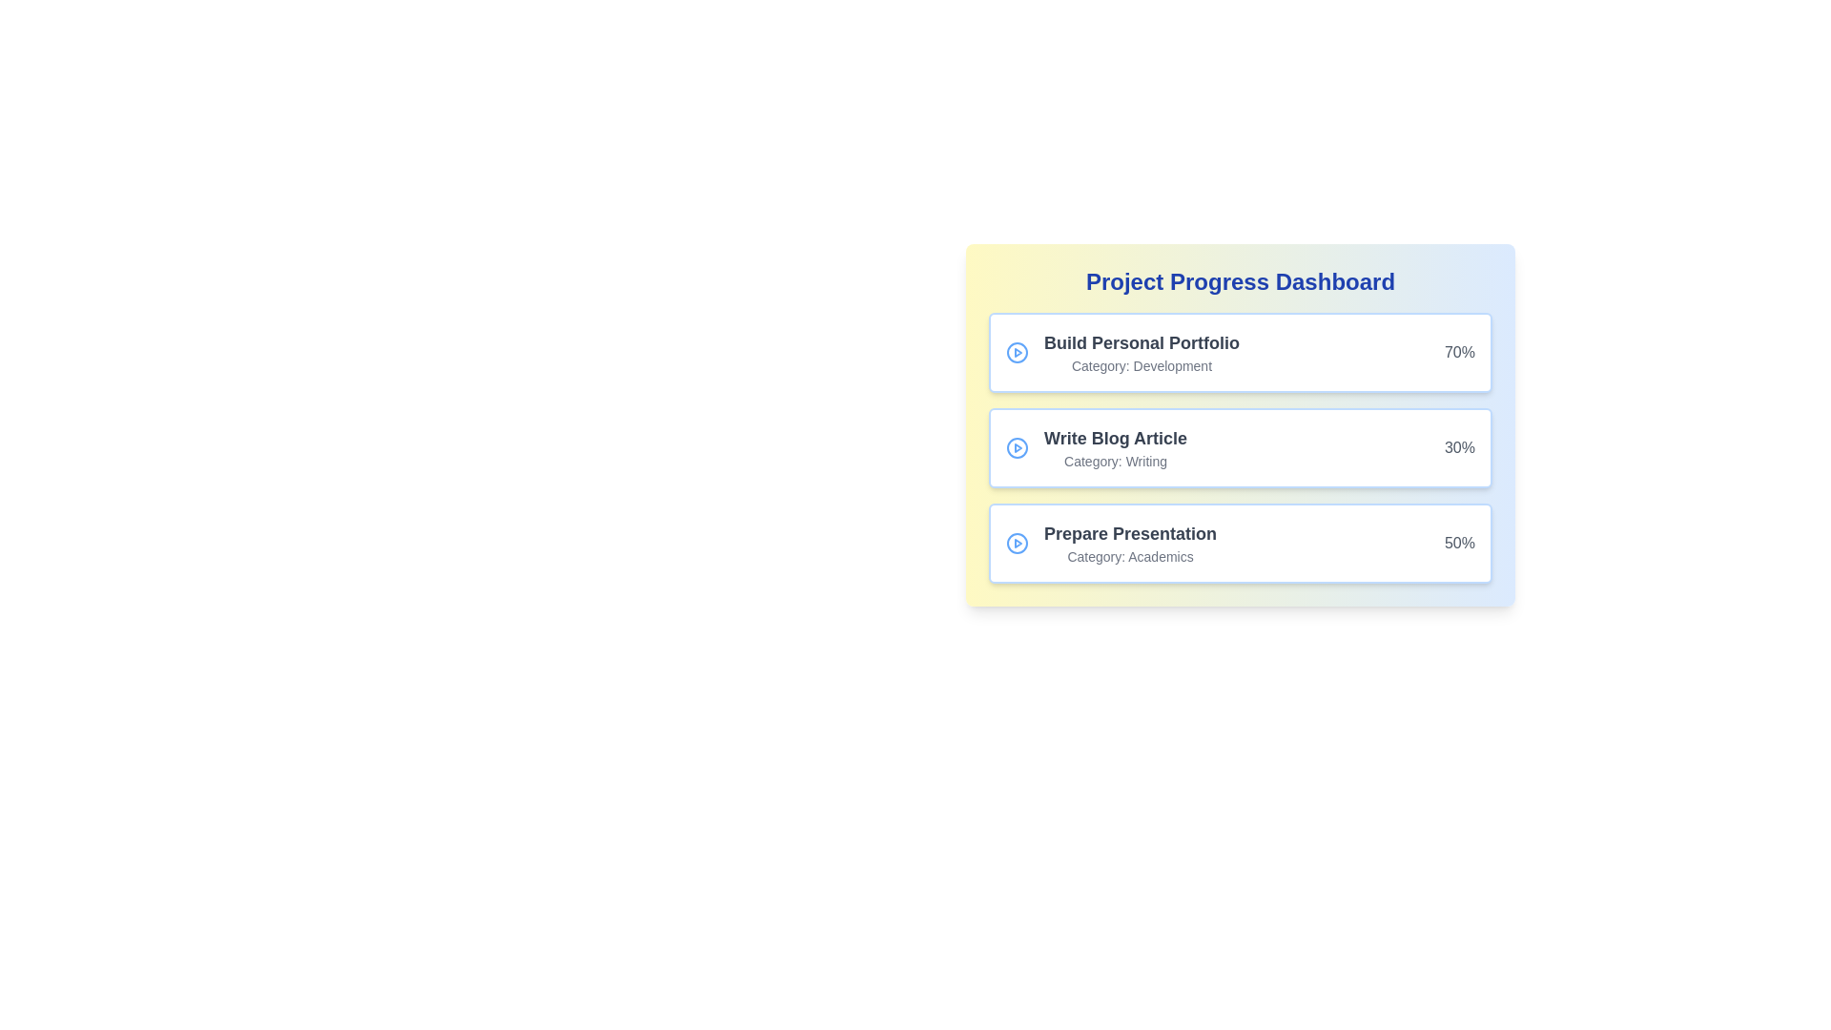  I want to click on the play button located to the left of the 'Build Personal Portfolio' text, above the 'Category: Development' text, so click(1016, 353).